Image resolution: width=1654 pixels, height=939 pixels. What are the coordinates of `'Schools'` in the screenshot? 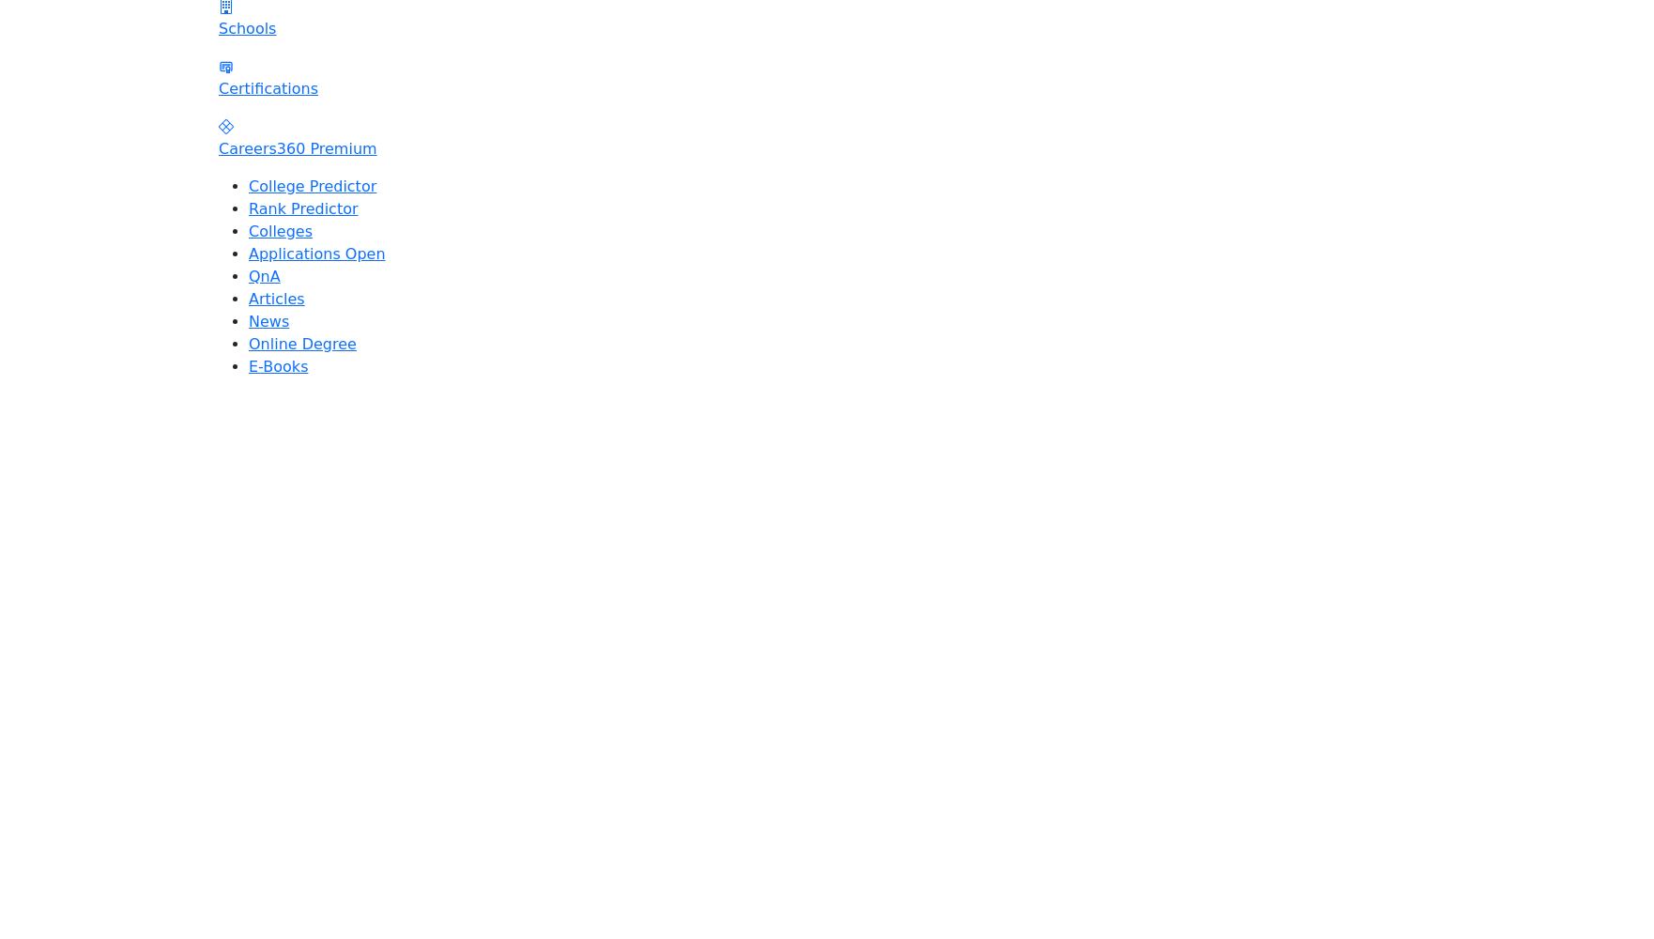 It's located at (247, 27).